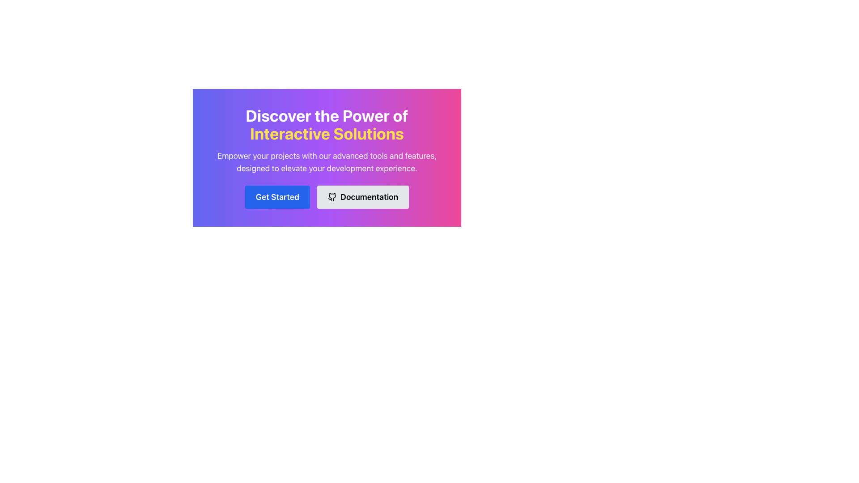  What do you see at coordinates (277, 196) in the screenshot?
I see `the blue 'Get Started' button with white text to initiate the action` at bounding box center [277, 196].